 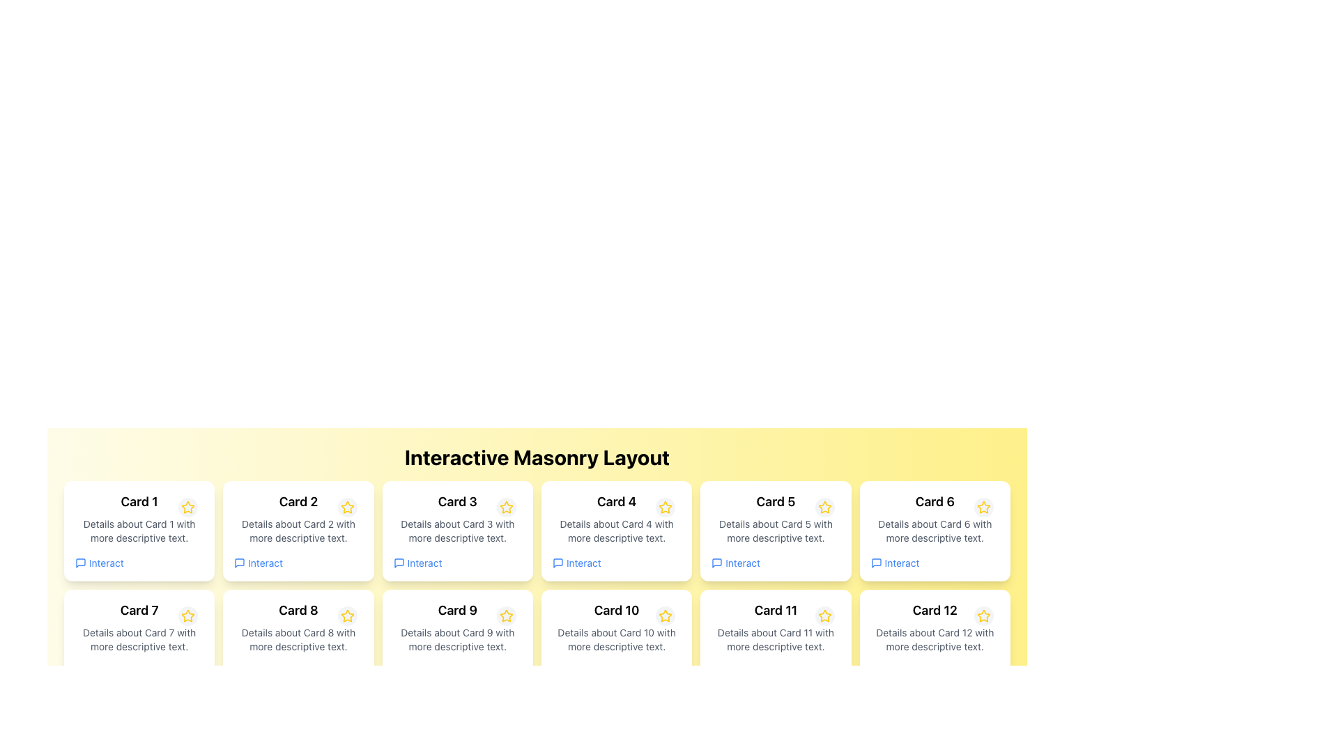 I want to click on the 'Interact' icon located to the left of the 'Interact' link under 'Card 6' in the third column of the second row, so click(x=875, y=563).